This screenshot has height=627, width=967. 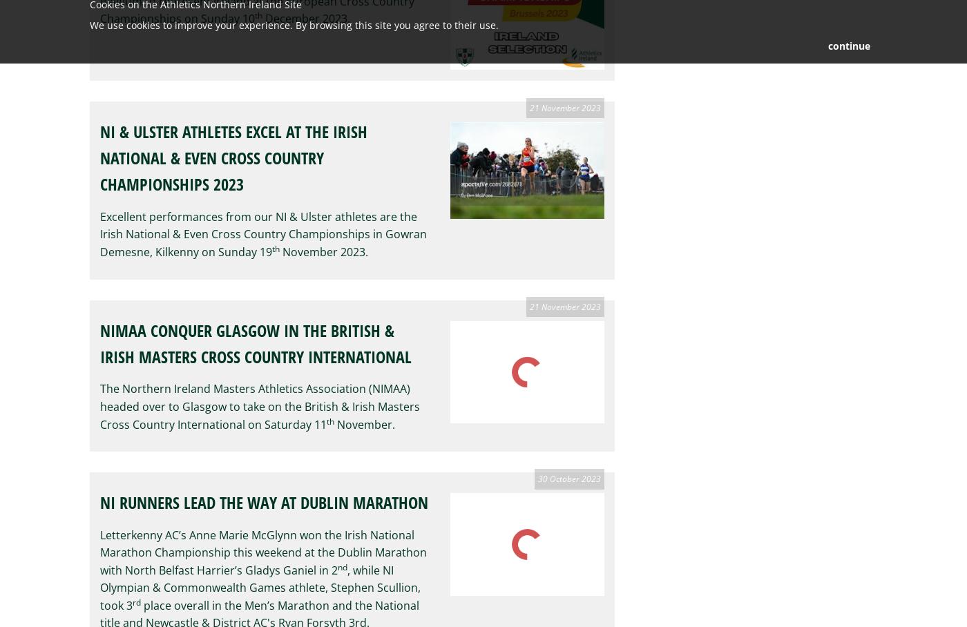 What do you see at coordinates (256, 343) in the screenshot?
I see `'NIMAA Conquer Glasgow in the British & Irish Masters Cross Country International'` at bounding box center [256, 343].